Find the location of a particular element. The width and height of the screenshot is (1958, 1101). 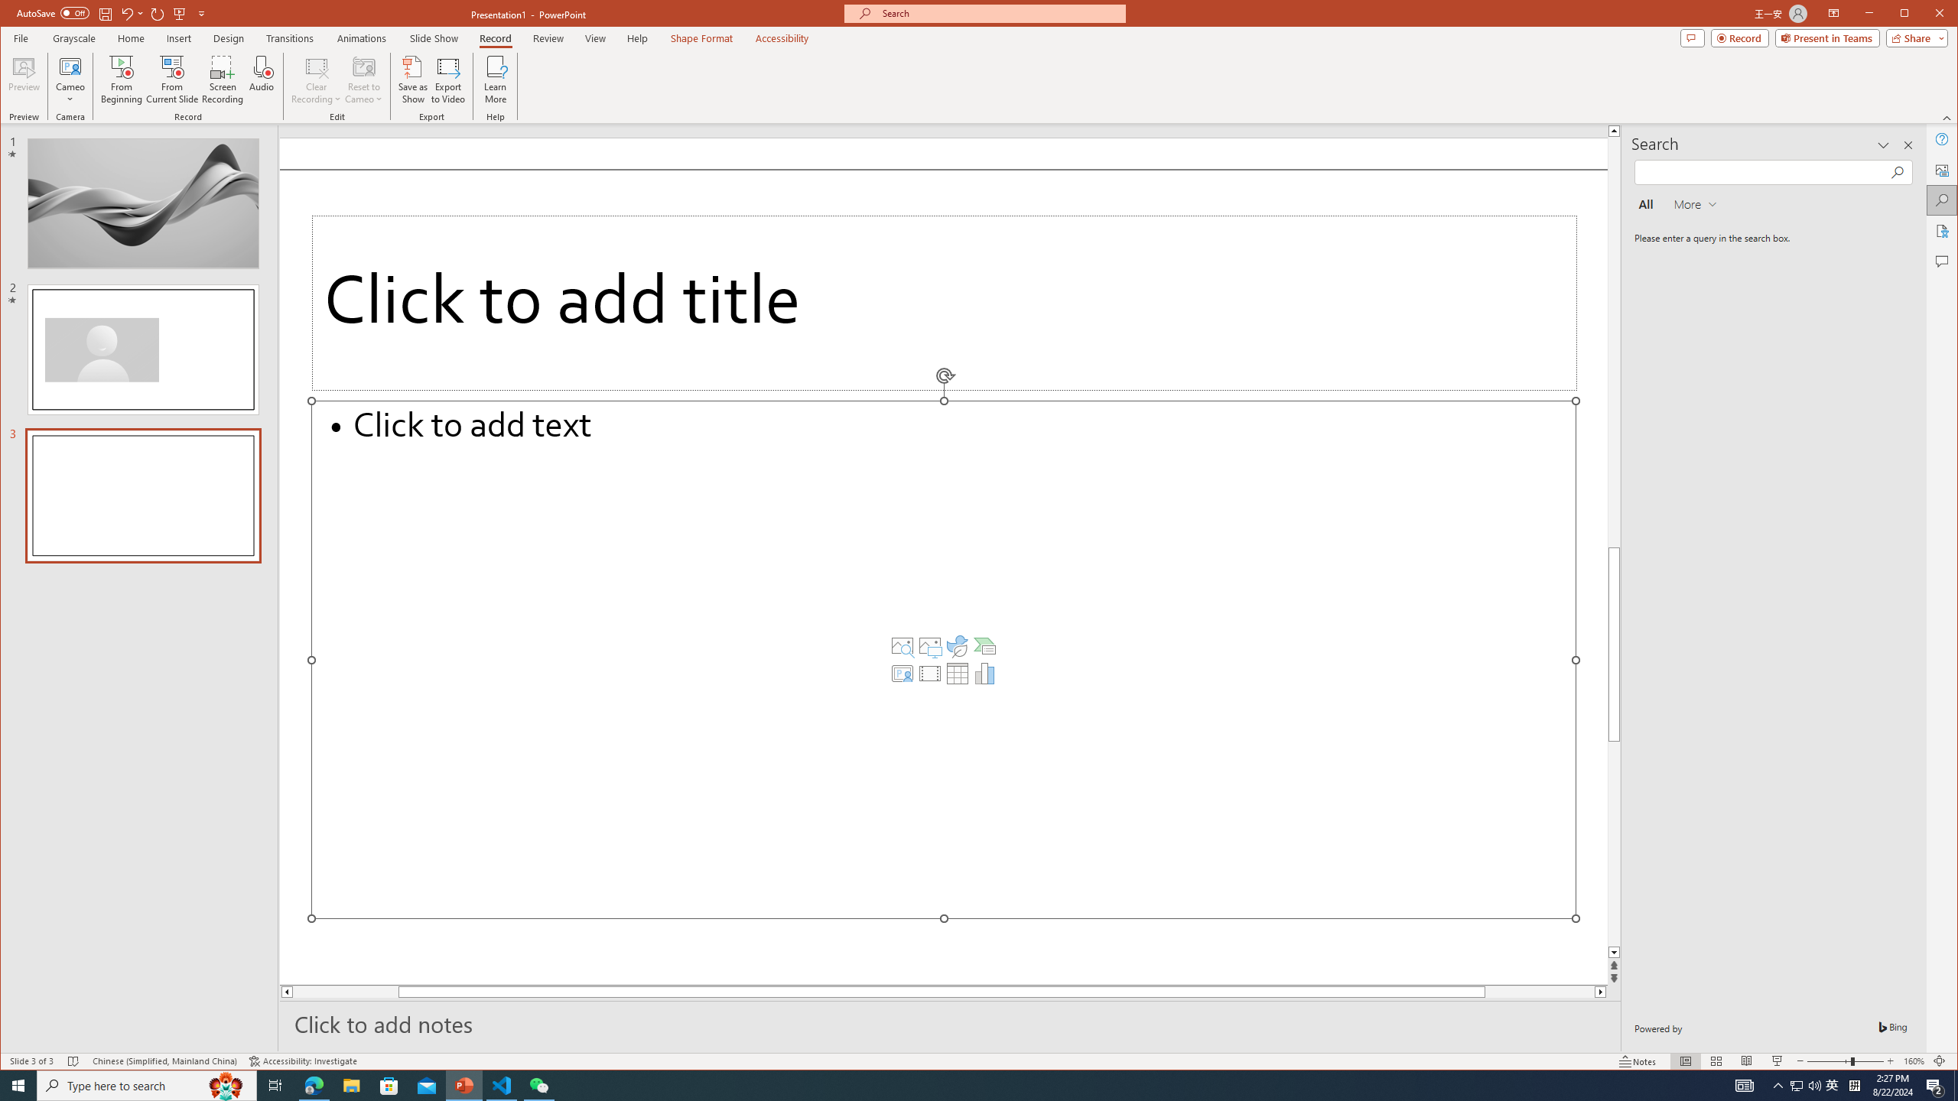

'Content Placeholder' is located at coordinates (942, 659).